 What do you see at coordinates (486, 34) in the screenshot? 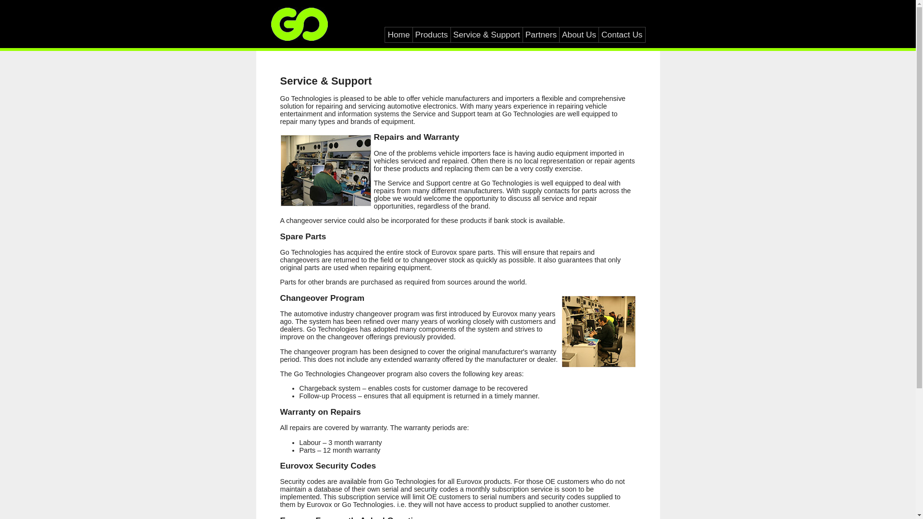
I see `'Service & Support'` at bounding box center [486, 34].